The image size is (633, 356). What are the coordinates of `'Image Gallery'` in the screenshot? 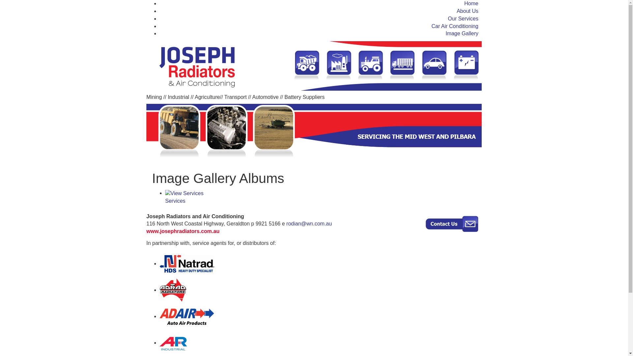 It's located at (445, 33).